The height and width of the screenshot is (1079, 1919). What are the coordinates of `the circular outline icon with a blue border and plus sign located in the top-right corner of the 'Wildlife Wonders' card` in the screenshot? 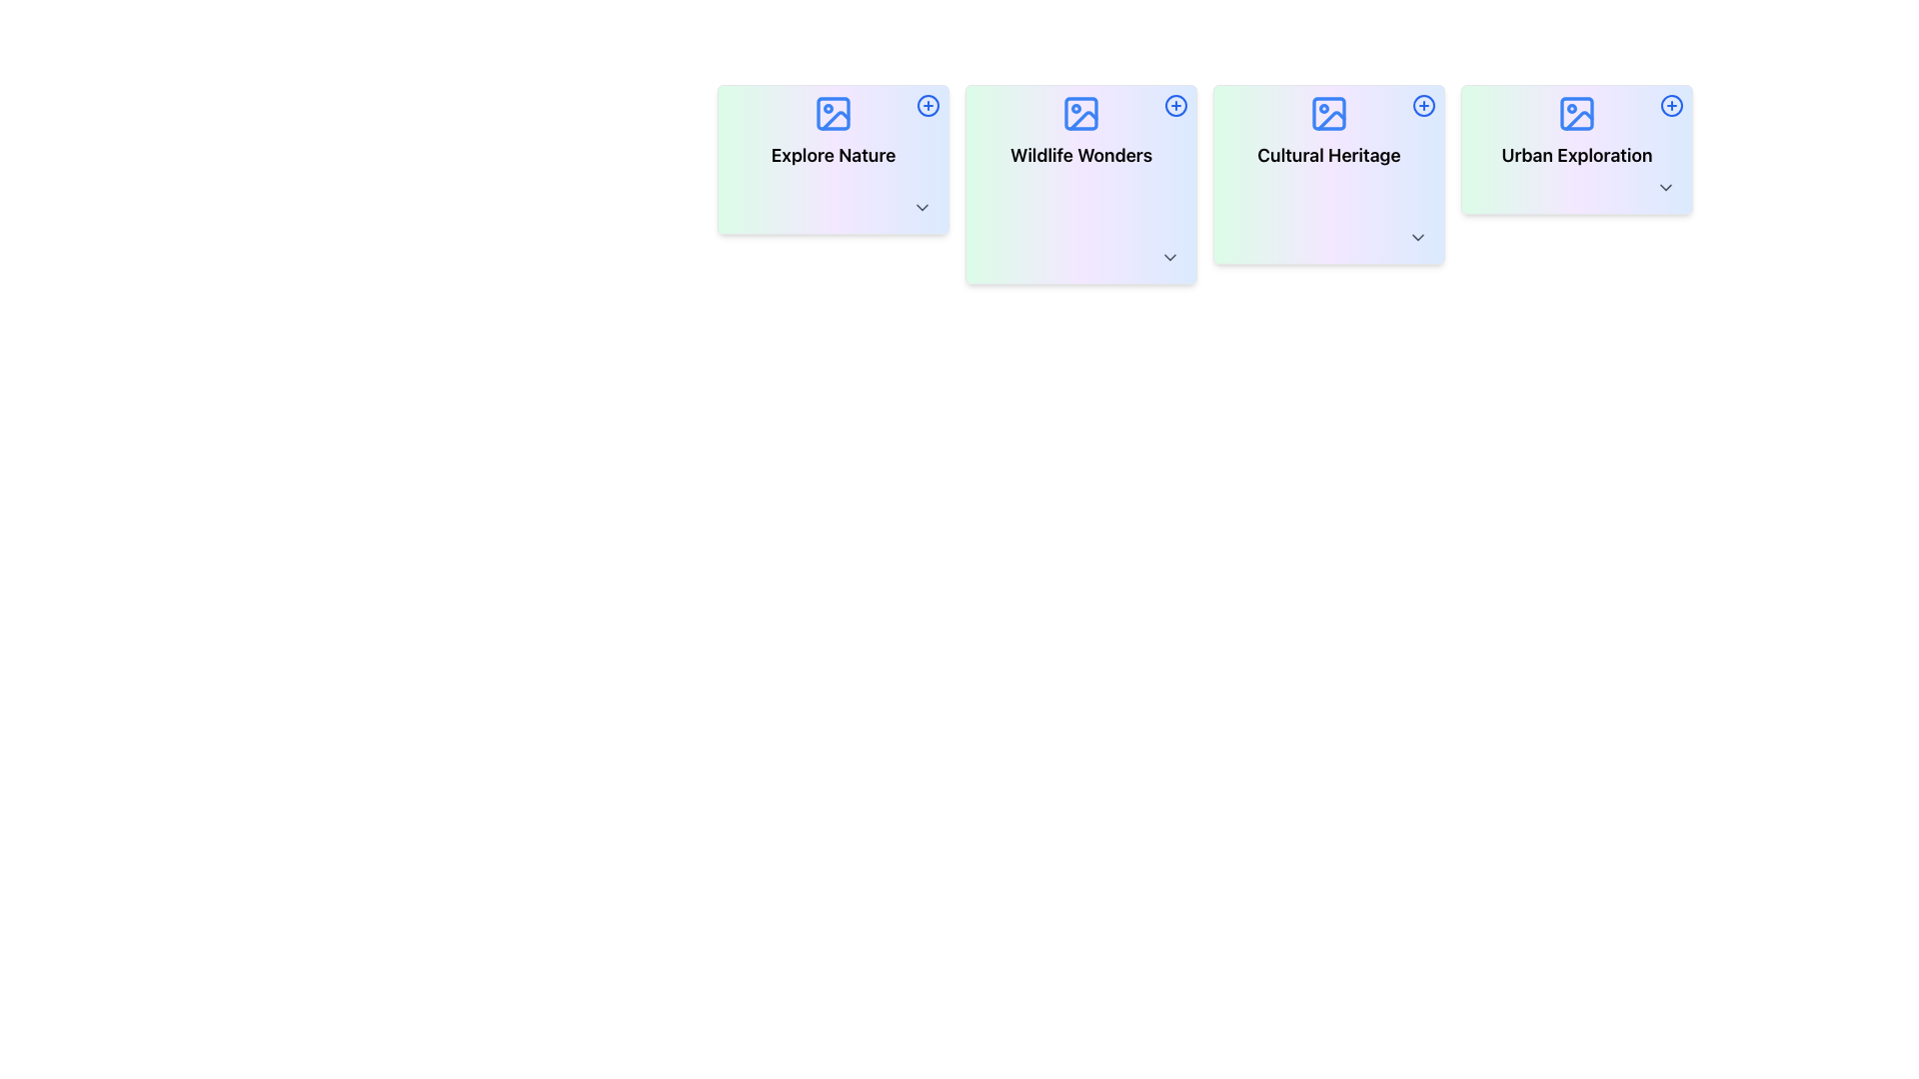 It's located at (1175, 105).